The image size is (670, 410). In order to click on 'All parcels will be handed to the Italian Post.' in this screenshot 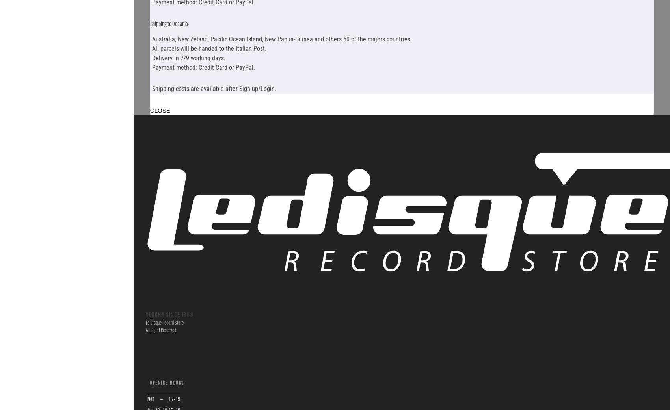, I will do `click(209, 48)`.